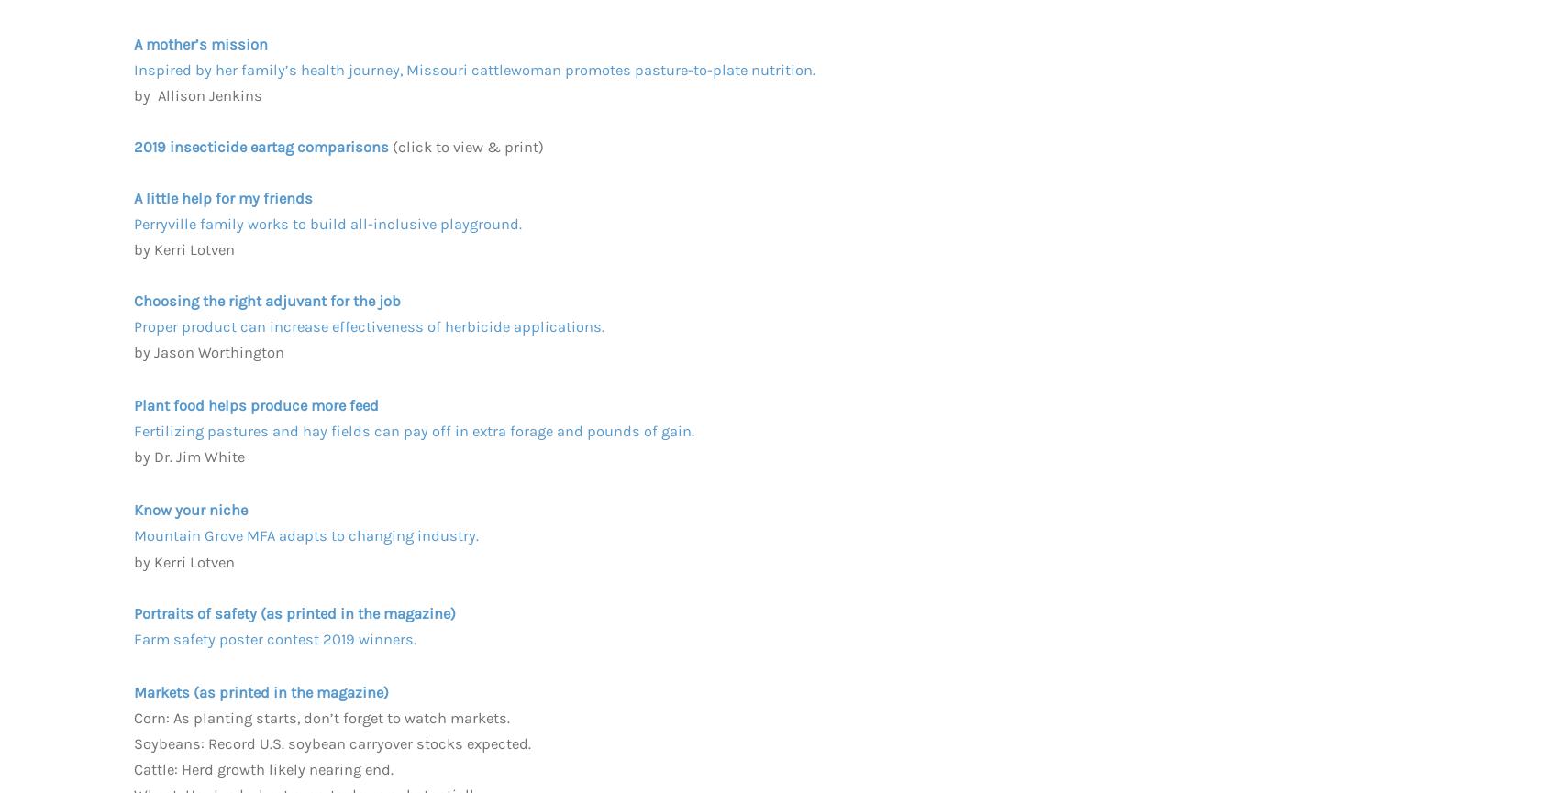 Image resolution: width=1552 pixels, height=793 pixels. What do you see at coordinates (200, 43) in the screenshot?
I see `'A mother’s mission'` at bounding box center [200, 43].